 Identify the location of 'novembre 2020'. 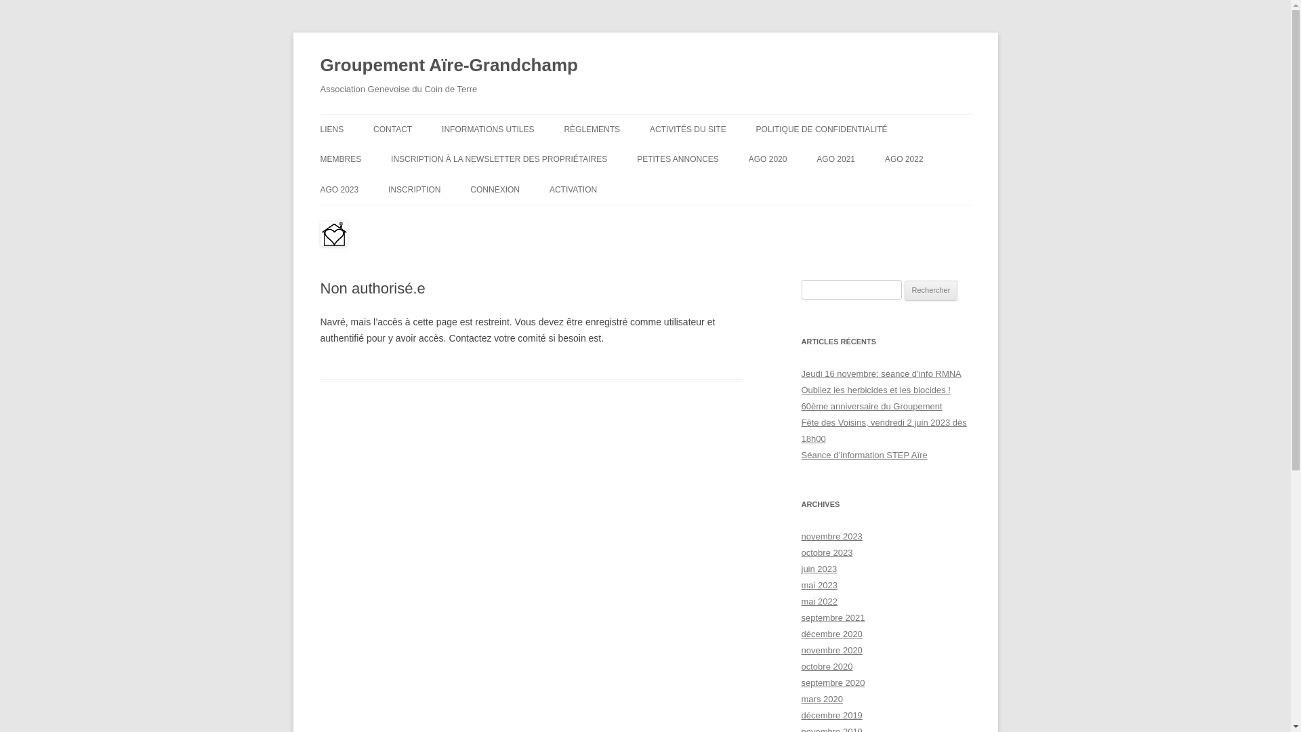
(800, 649).